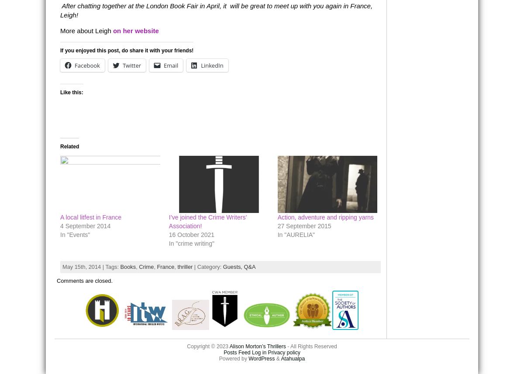 The image size is (524, 374). What do you see at coordinates (71, 92) in the screenshot?
I see `'Like this:'` at bounding box center [71, 92].